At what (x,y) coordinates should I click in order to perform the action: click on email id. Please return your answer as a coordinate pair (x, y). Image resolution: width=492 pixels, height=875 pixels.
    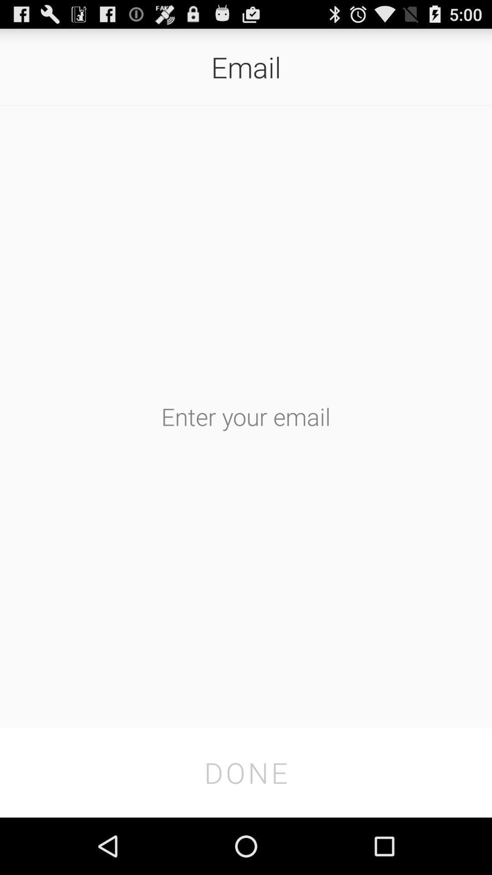
    Looking at the image, I should click on (246, 416).